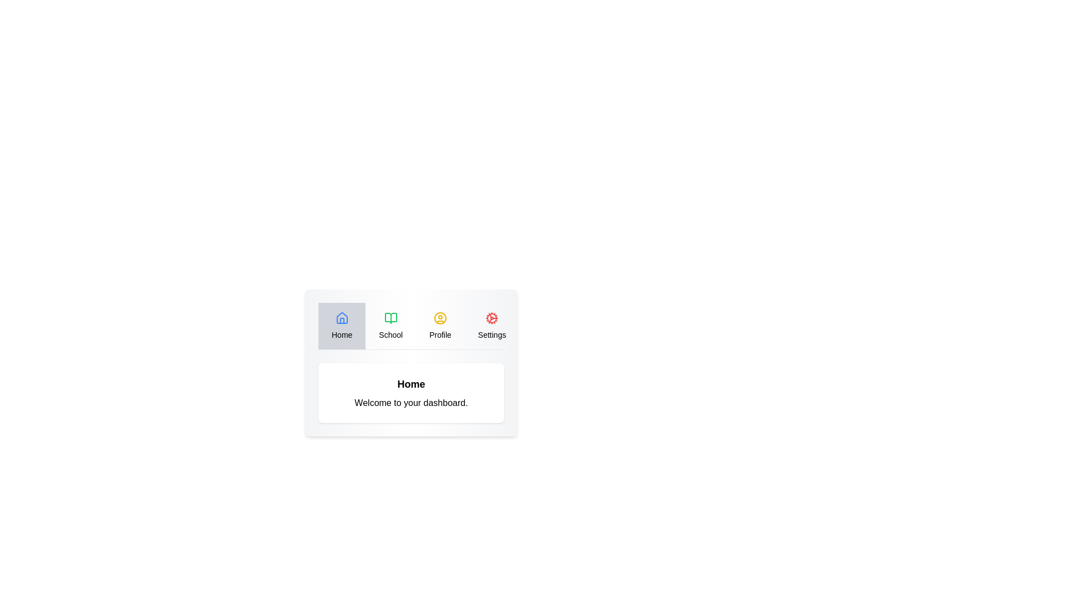 The height and width of the screenshot is (599, 1065). I want to click on the icon corresponding to the School tab, so click(390, 318).